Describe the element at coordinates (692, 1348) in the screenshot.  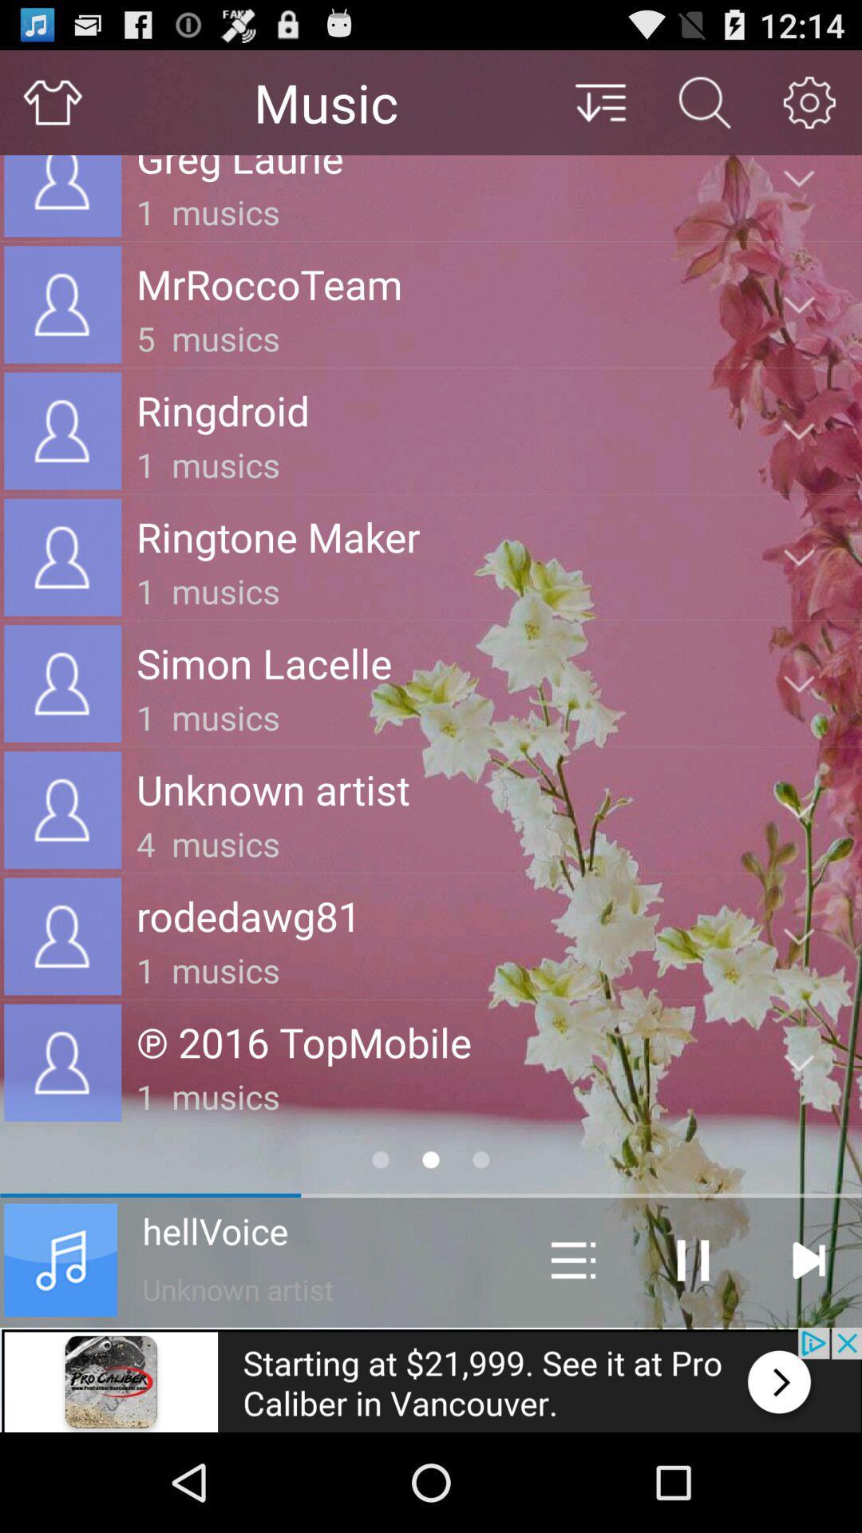
I see `the pause icon` at that location.